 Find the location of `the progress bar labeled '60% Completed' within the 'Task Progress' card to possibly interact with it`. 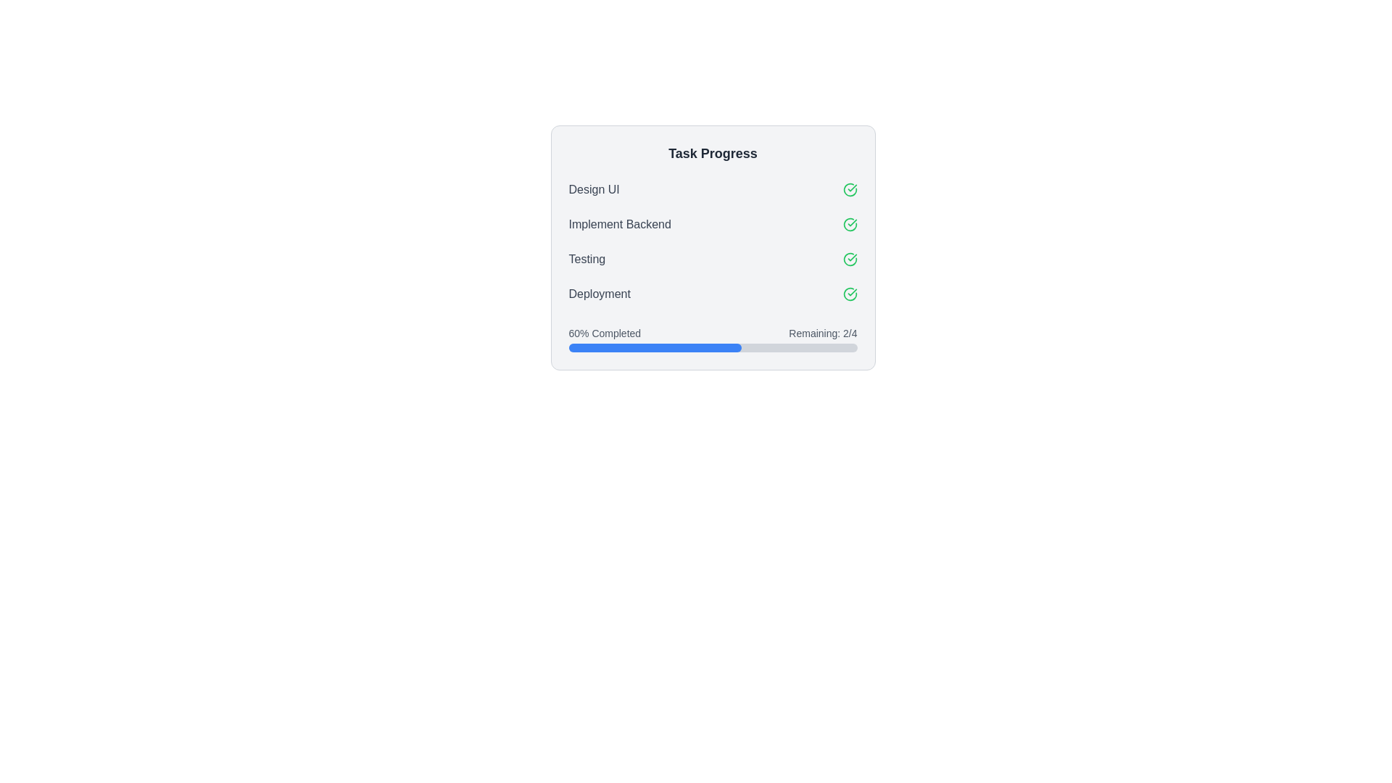

the progress bar labeled '60% Completed' within the 'Task Progress' card to possibly interact with it is located at coordinates (713, 336).